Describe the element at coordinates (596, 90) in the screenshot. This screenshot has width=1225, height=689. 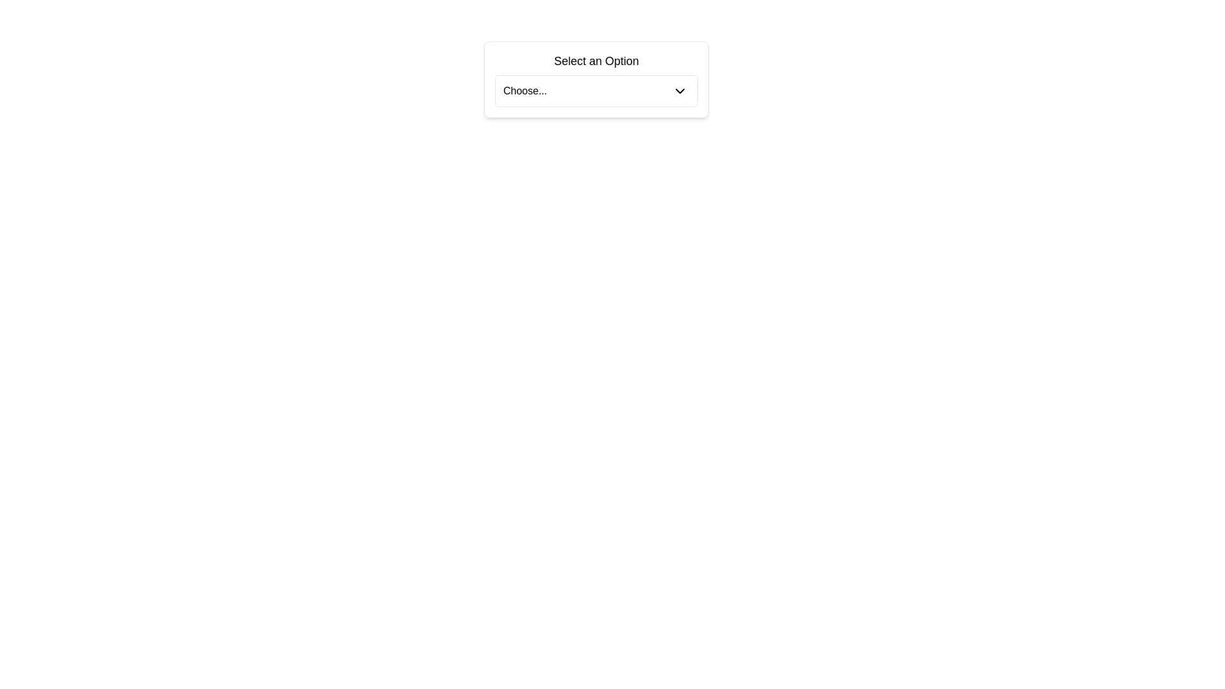
I see `the dropdown menu located below the text label 'Select an Option' in the dialog area` at that location.